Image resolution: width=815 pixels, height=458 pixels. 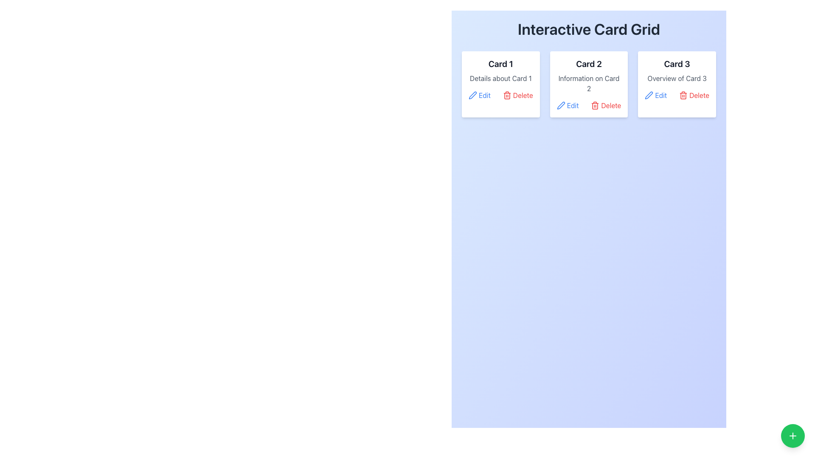 I want to click on the delete icon located in the rightmost card of the horizontal card list, so click(x=683, y=95).